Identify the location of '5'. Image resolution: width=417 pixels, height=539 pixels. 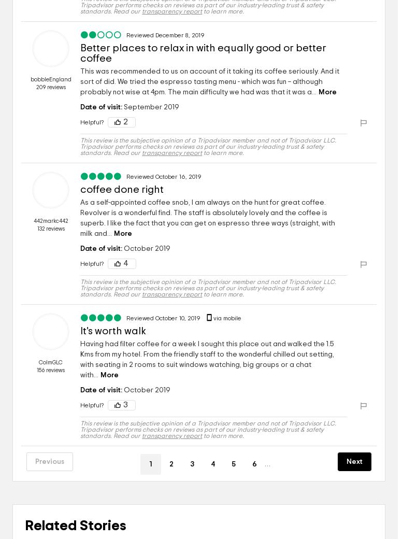
(231, 463).